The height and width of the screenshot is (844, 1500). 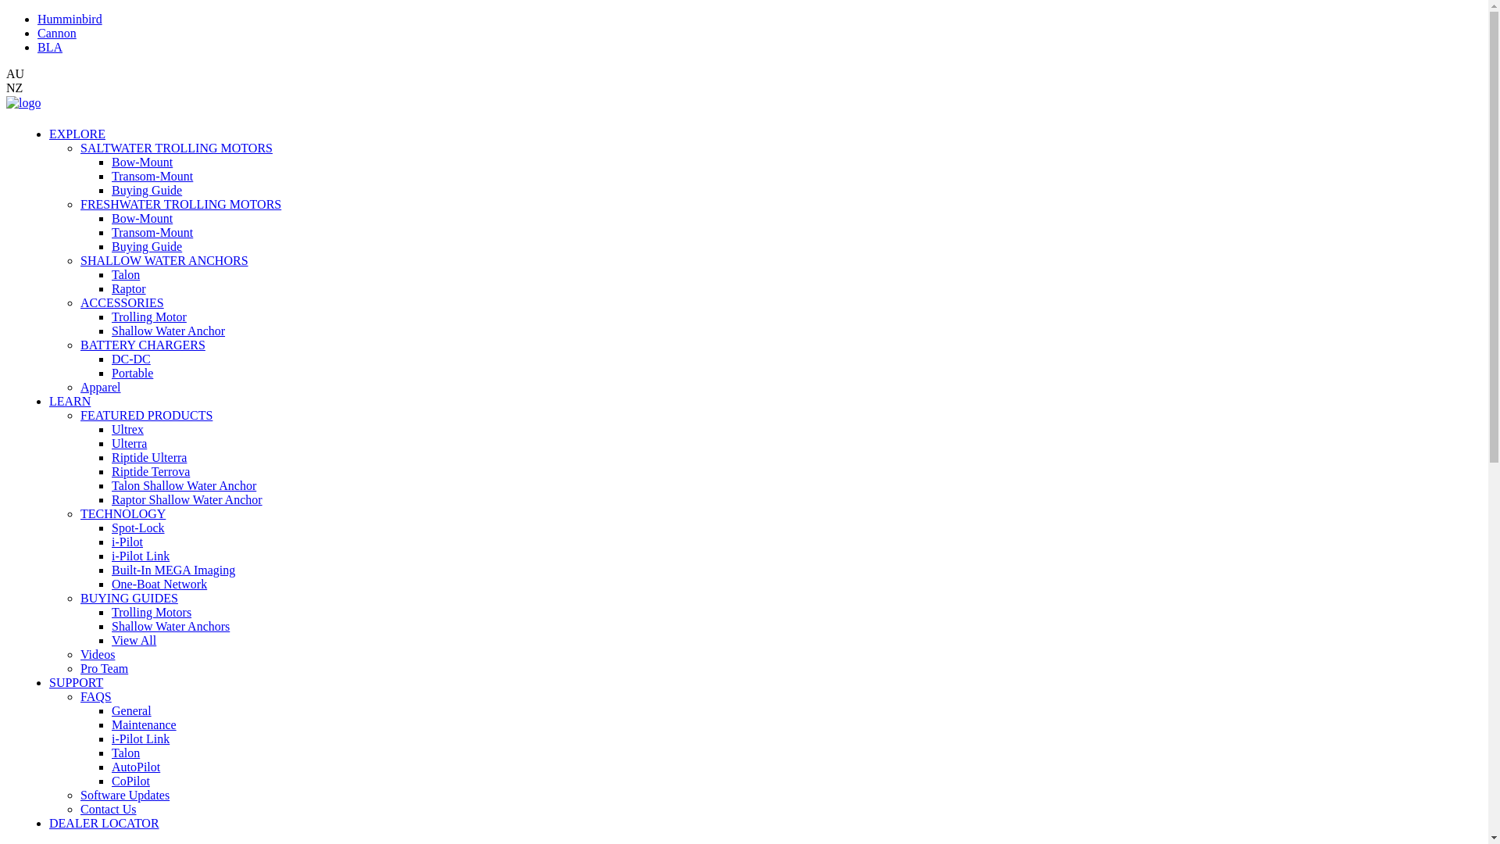 I want to click on 'Contact Us', so click(x=108, y=809).